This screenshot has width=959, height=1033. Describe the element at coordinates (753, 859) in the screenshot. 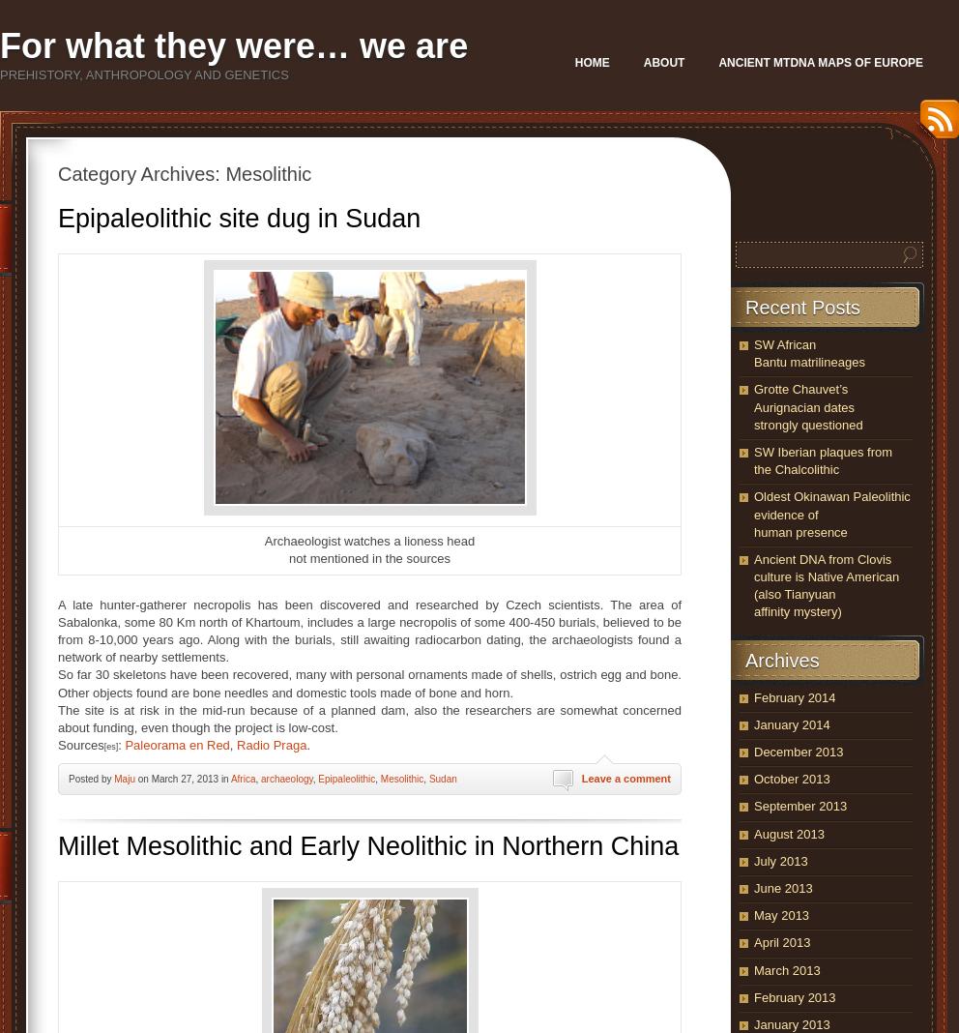

I see `'July 2013'` at that location.